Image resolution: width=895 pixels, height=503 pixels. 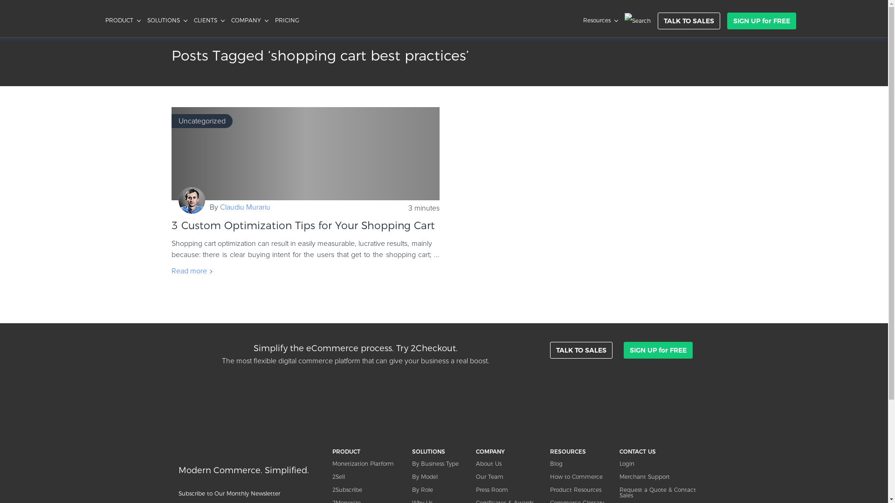 I want to click on 'How to Commerce', so click(x=550, y=476).